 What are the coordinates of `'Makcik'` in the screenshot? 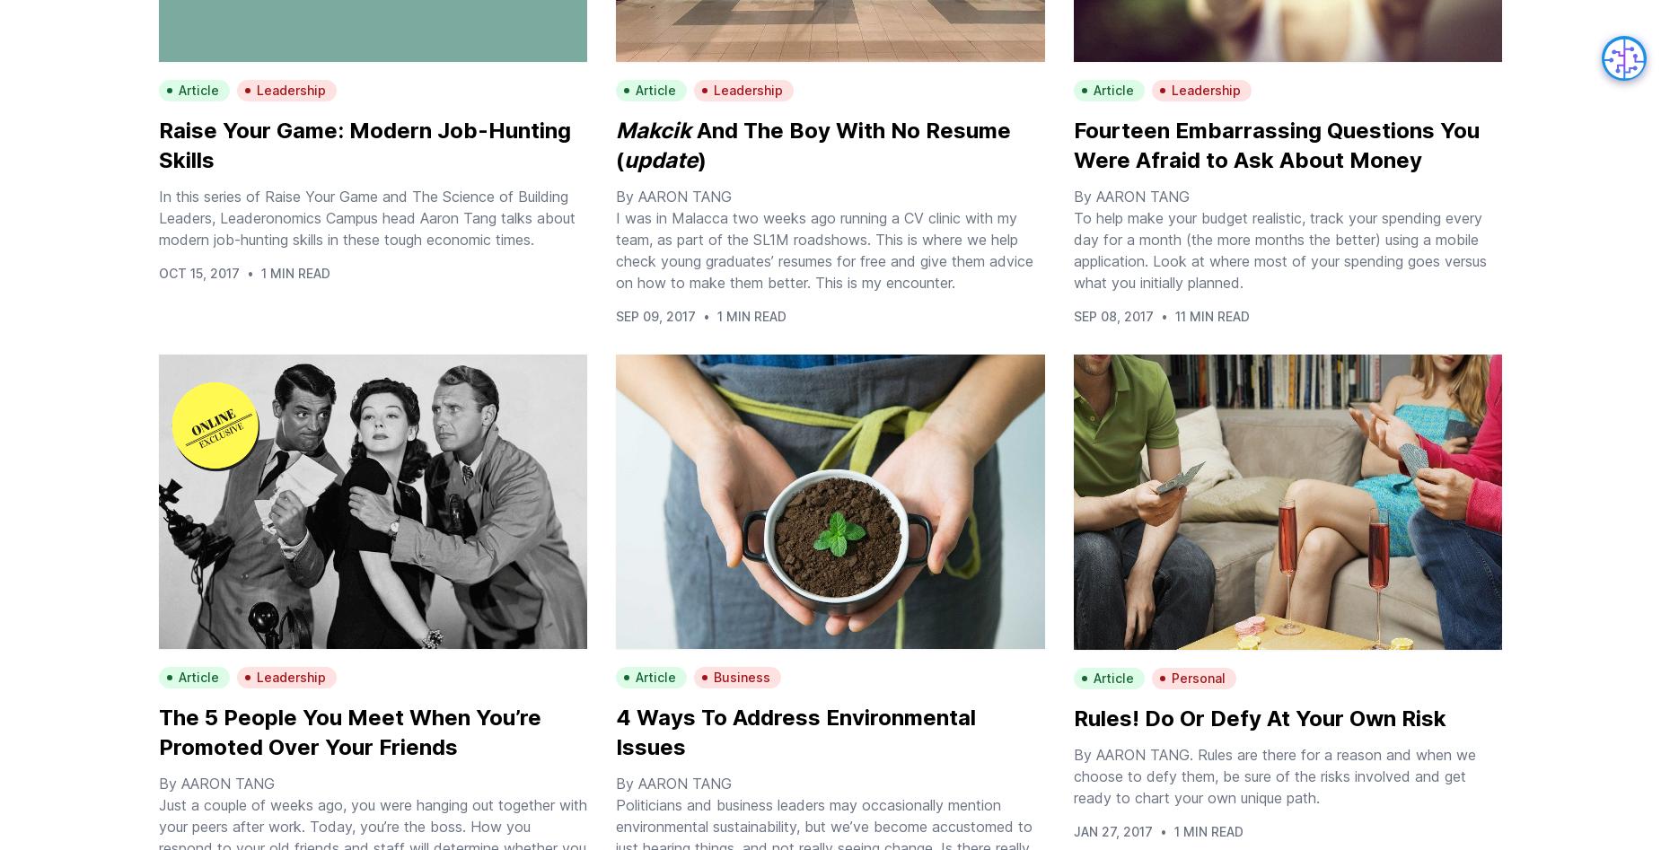 It's located at (653, 129).